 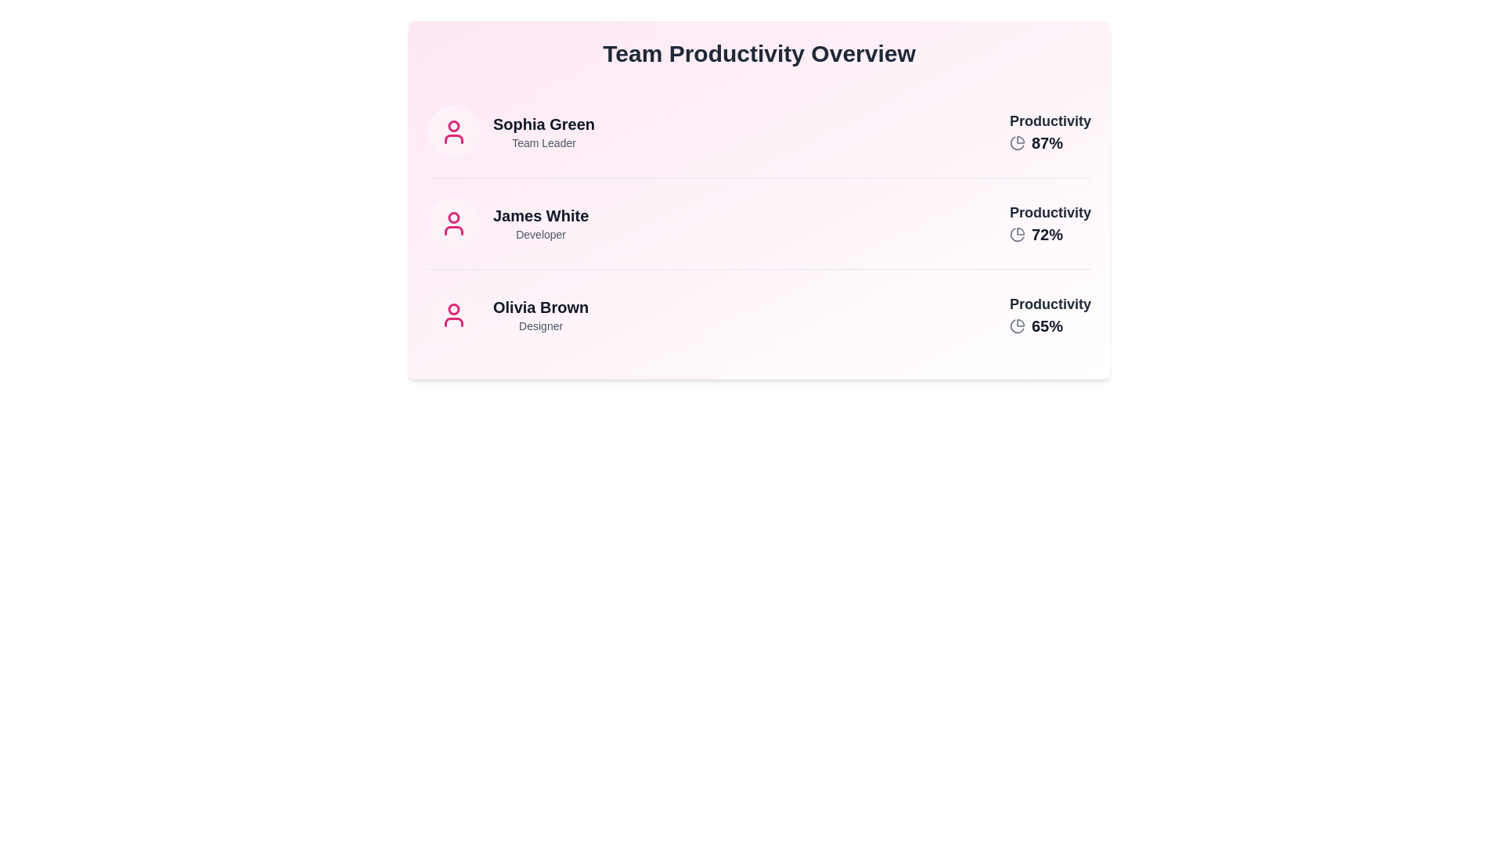 What do you see at coordinates (759, 131) in the screenshot?
I see `the Information card displaying details about a team member, which is the first entry` at bounding box center [759, 131].